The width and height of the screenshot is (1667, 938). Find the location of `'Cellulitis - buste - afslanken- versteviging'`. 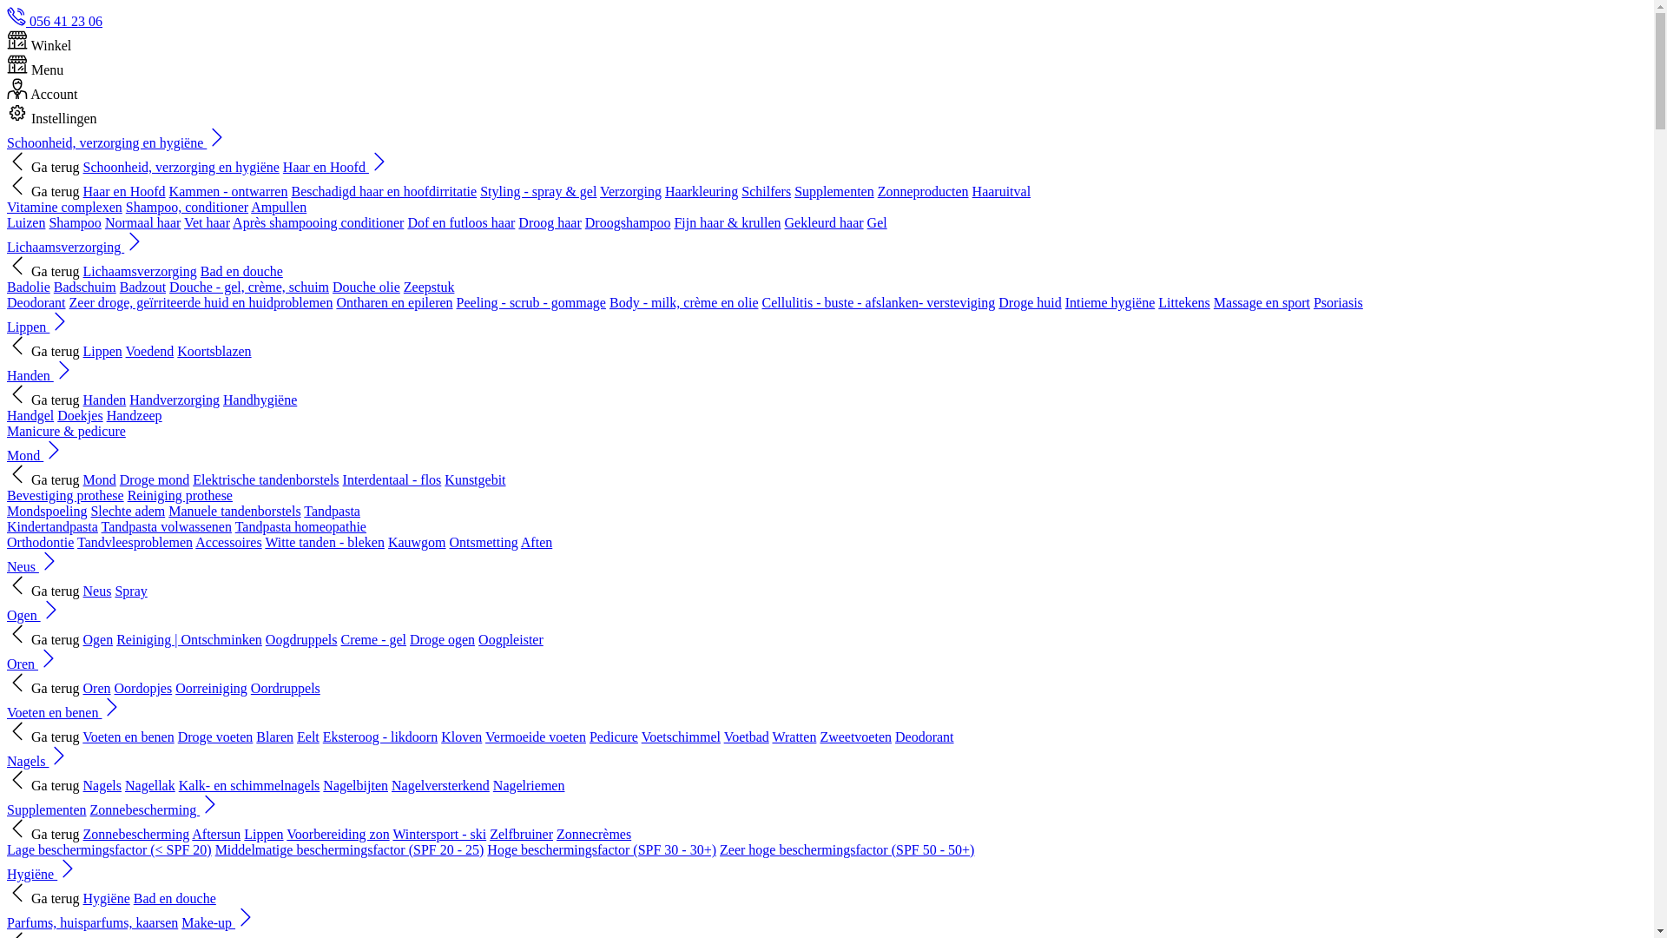

'Cellulitis - buste - afslanken- versteviging' is located at coordinates (878, 301).